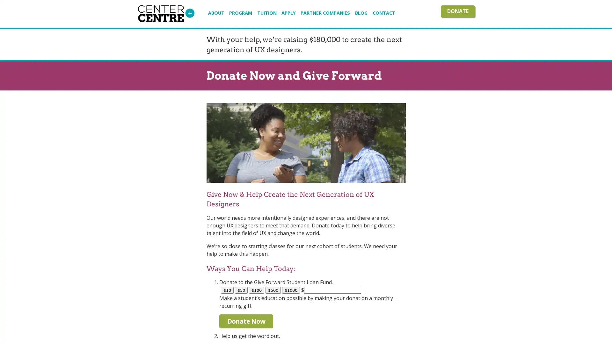 This screenshot has width=612, height=344. Describe the element at coordinates (273, 290) in the screenshot. I see `$500` at that location.